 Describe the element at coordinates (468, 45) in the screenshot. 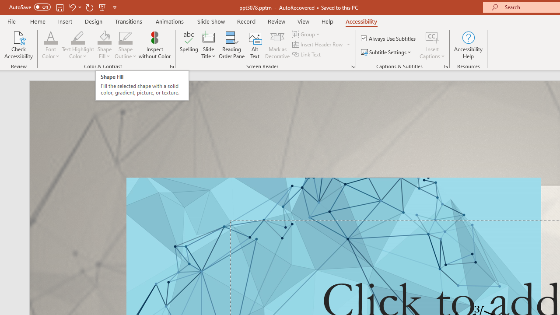

I see `'Accessibility Help'` at that location.